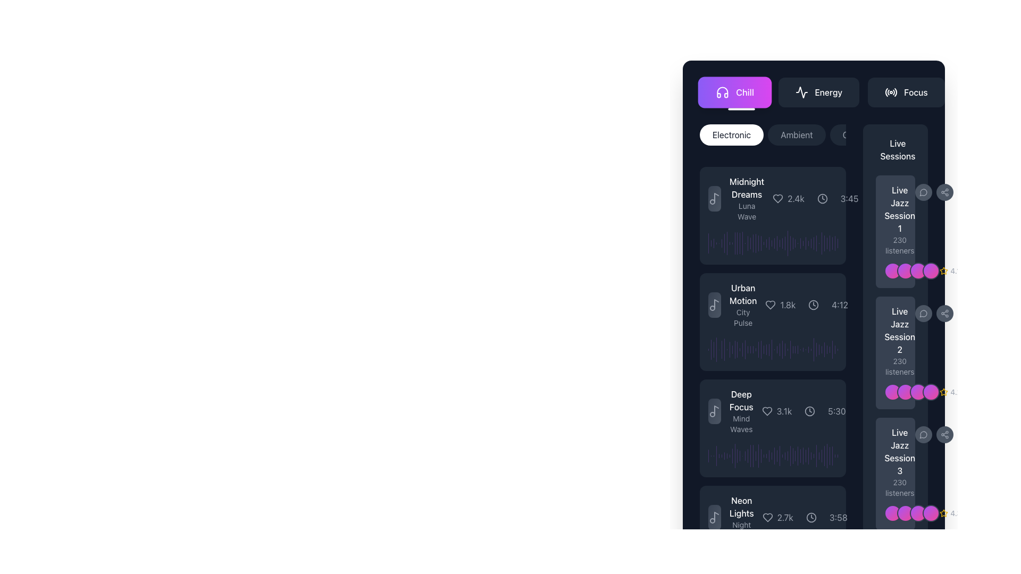  I want to click on the visual details of the purple translucent vertical bar, which is part of a group of similar elements in the music player's progress visualization, so click(732, 455).